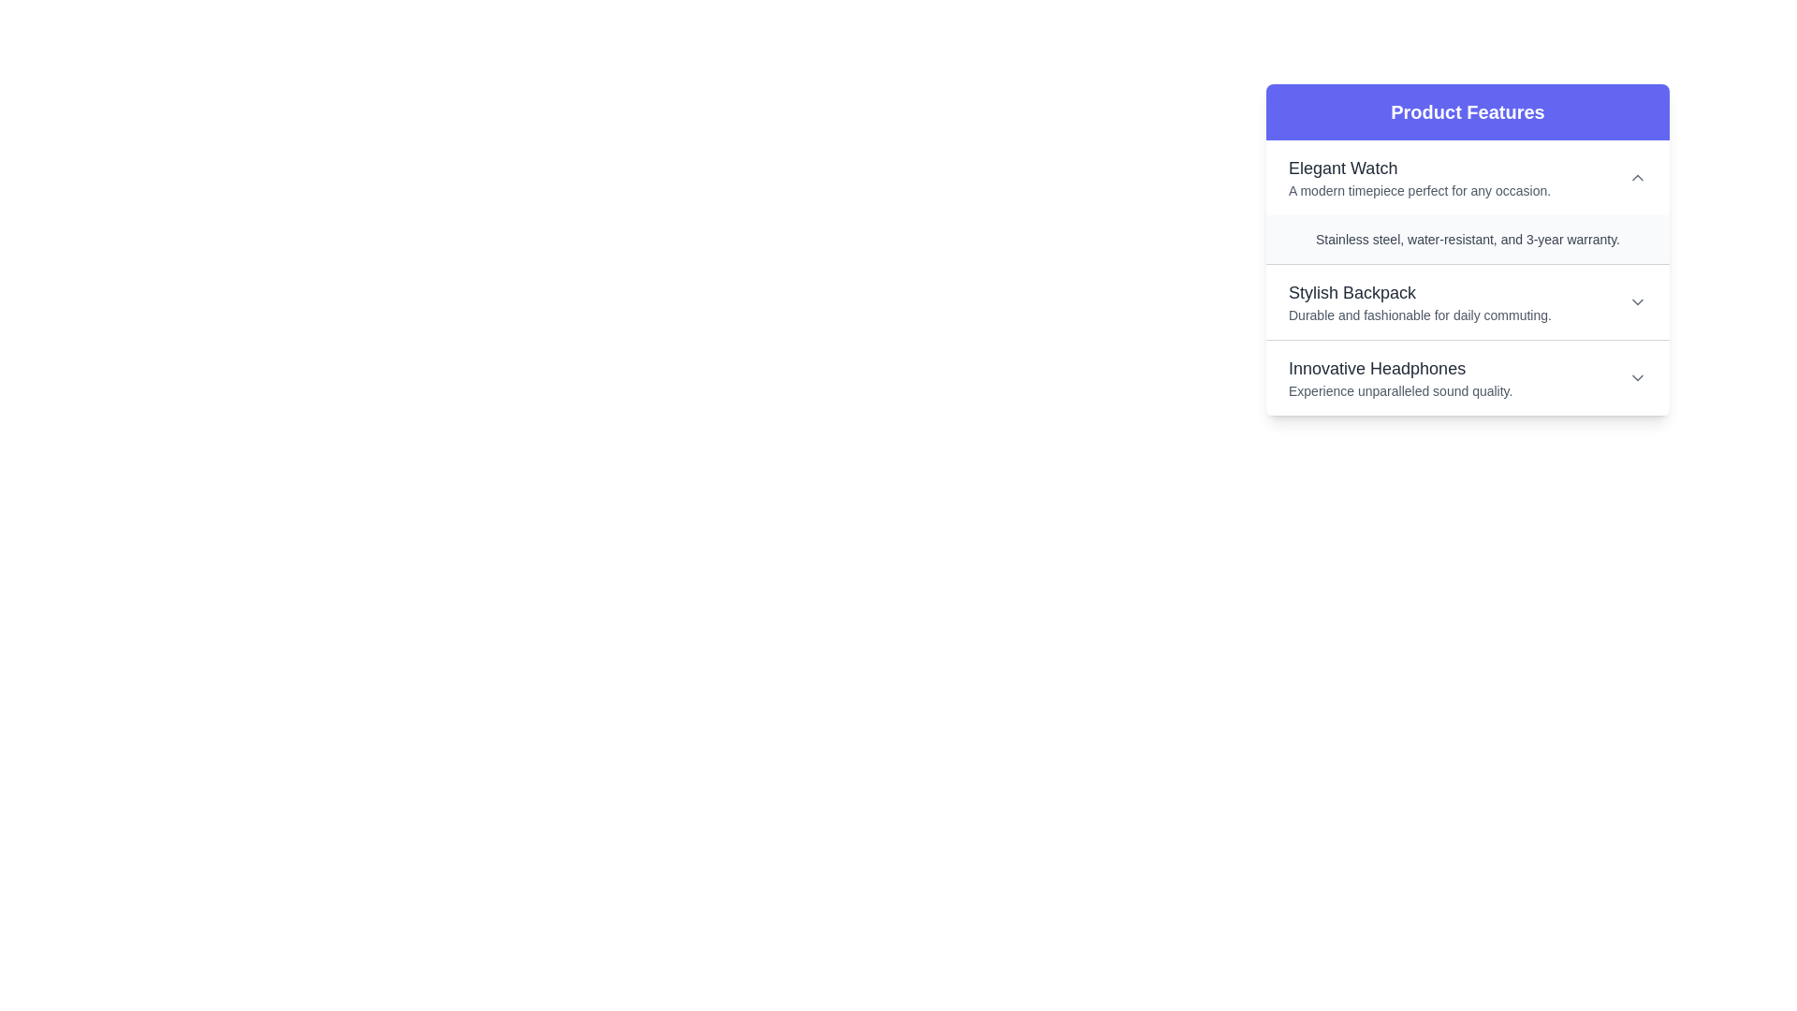 Image resolution: width=1797 pixels, height=1011 pixels. I want to click on the chevron icon to the right of the 'Stylish Backpack' title and description, so click(1637, 301).